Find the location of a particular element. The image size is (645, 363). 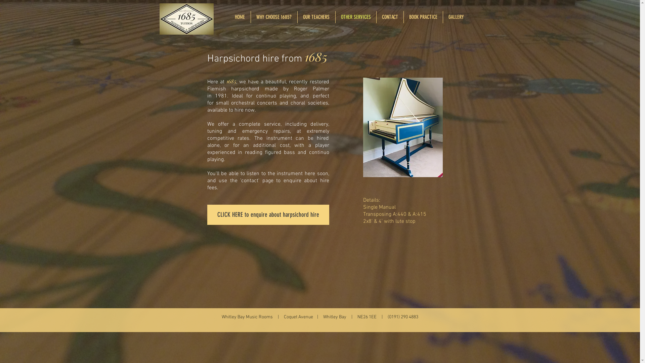

'CONTACT' is located at coordinates (390, 16).